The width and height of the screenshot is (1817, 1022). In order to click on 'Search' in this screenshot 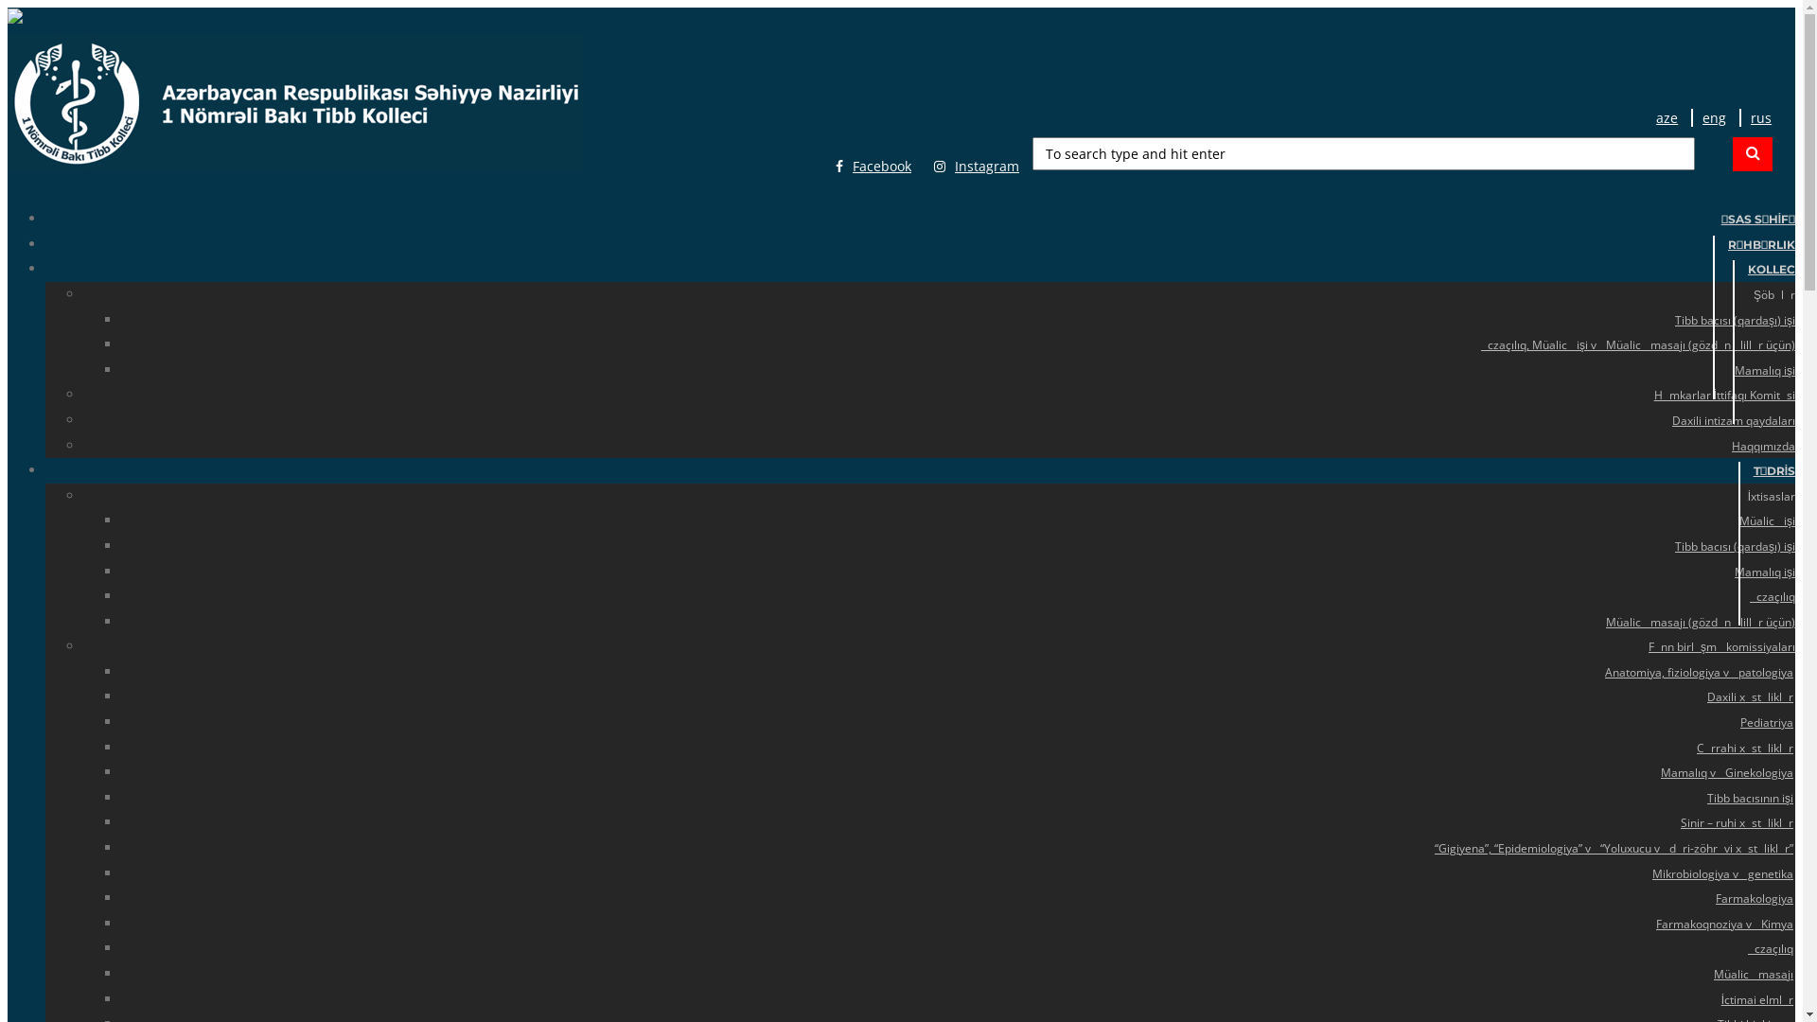, I will do `click(1712, 153)`.